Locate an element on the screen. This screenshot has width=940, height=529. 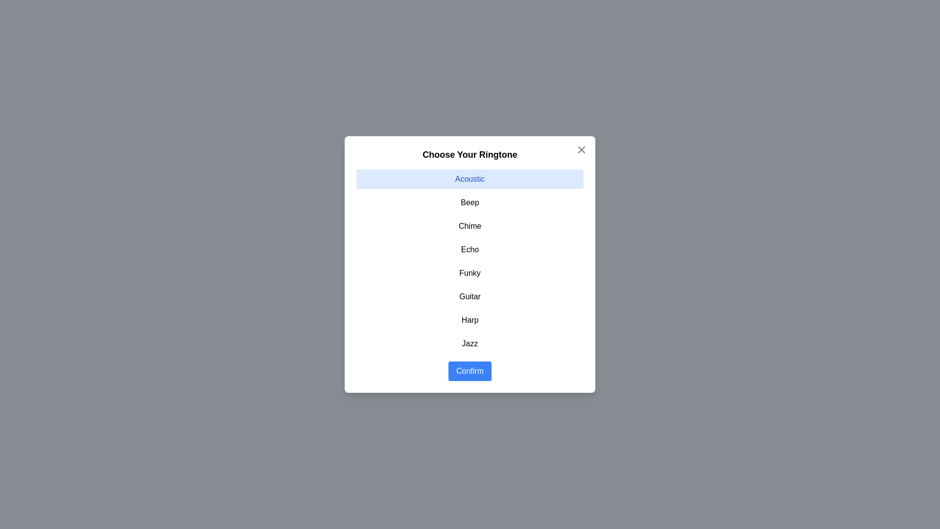
the title text 'Choose Your Ringtone' for copying is located at coordinates (470, 154).